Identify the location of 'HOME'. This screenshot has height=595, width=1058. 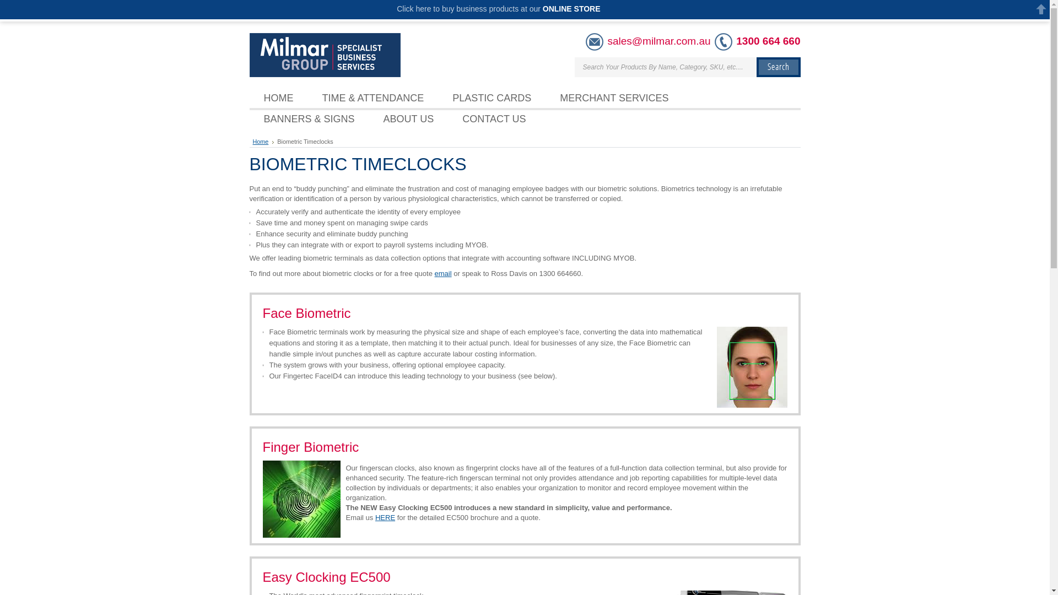
(278, 97).